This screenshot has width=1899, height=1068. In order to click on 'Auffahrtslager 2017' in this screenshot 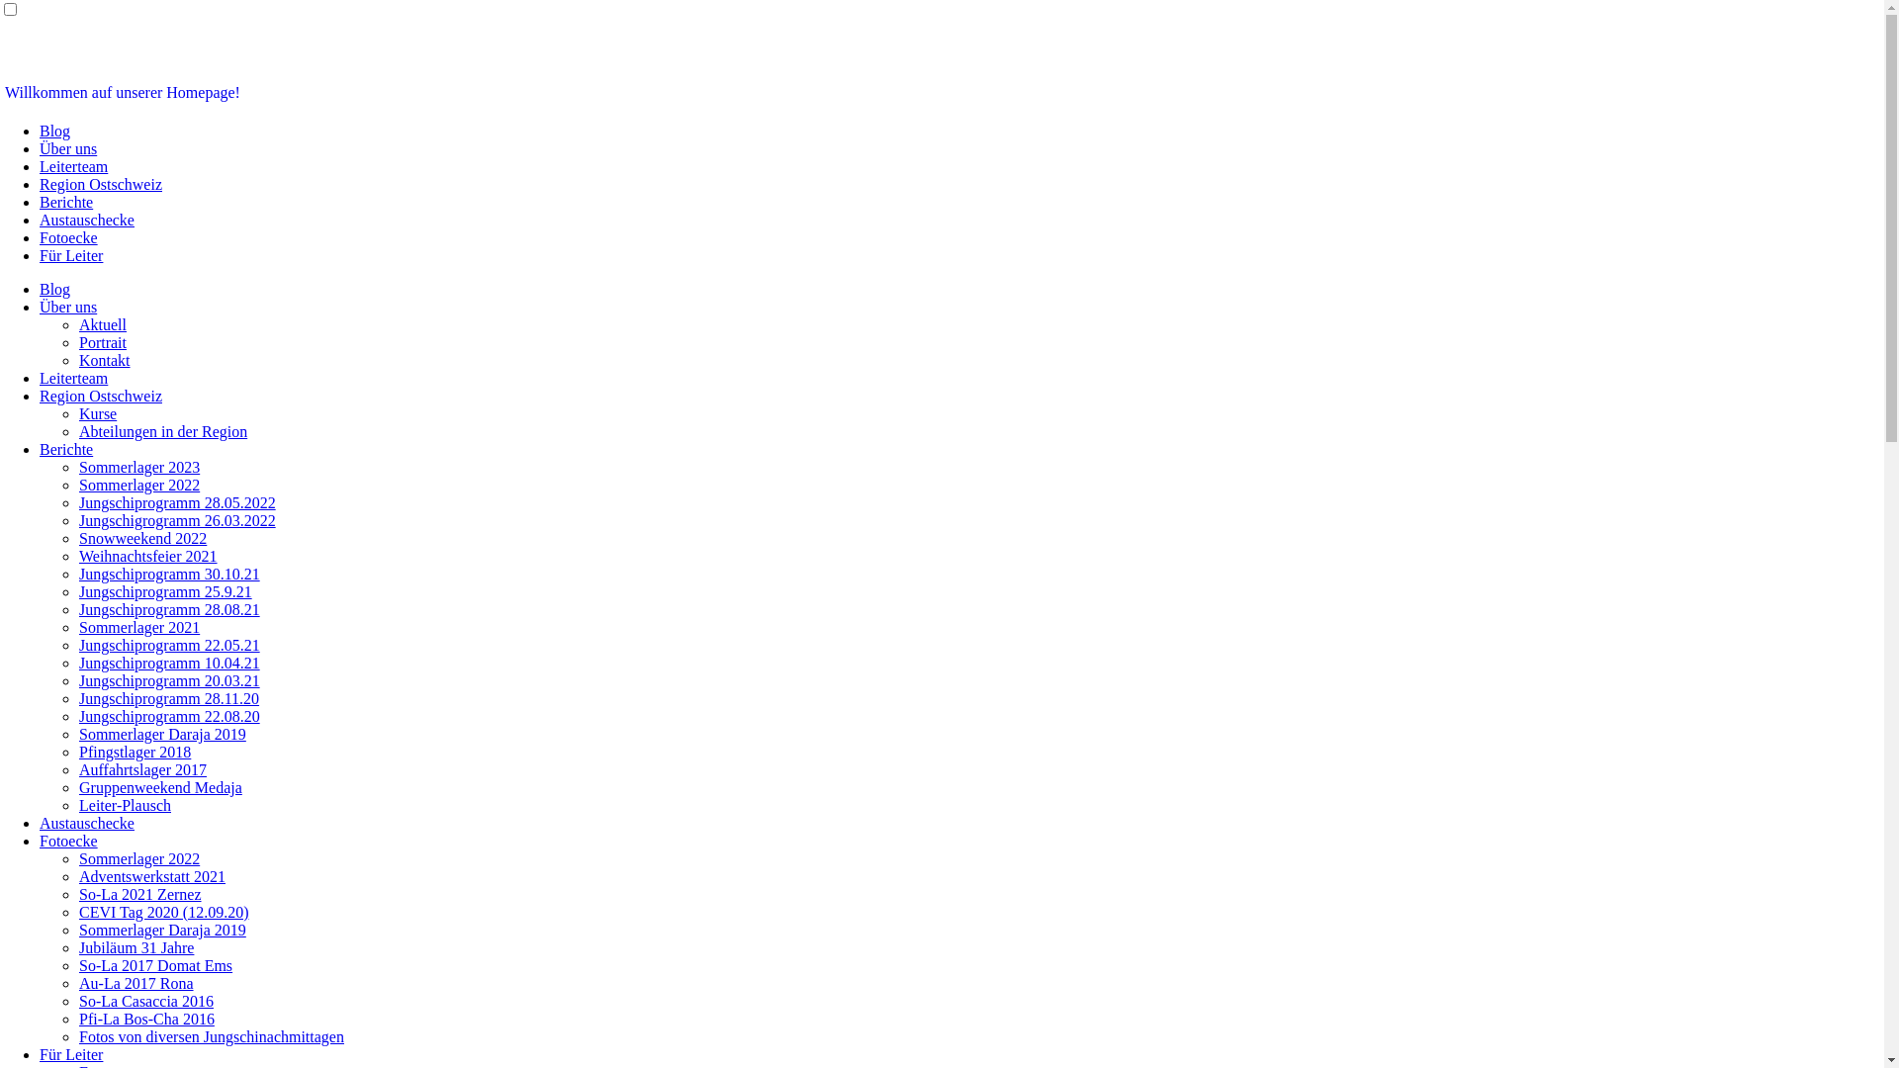, I will do `click(141, 768)`.